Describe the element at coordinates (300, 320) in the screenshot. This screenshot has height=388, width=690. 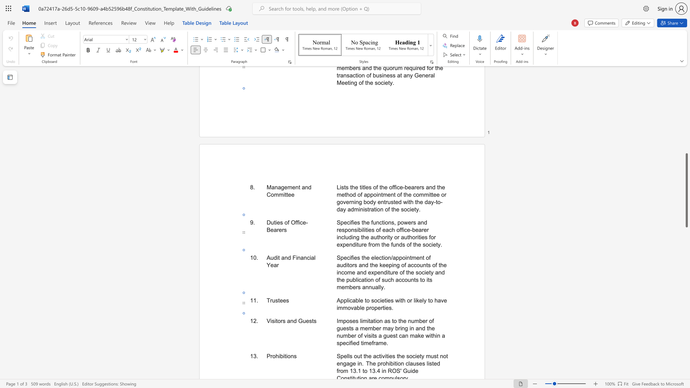
I see `the 1th character "G" in the text` at that location.